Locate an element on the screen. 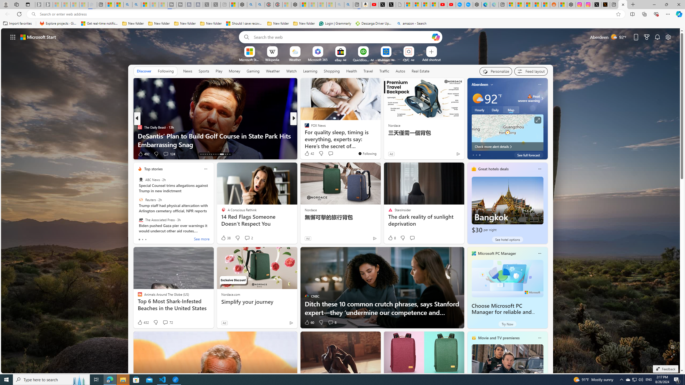 The image size is (685, 385). 'help.x.com | 524: A timeout occurred' is located at coordinates (606, 4).